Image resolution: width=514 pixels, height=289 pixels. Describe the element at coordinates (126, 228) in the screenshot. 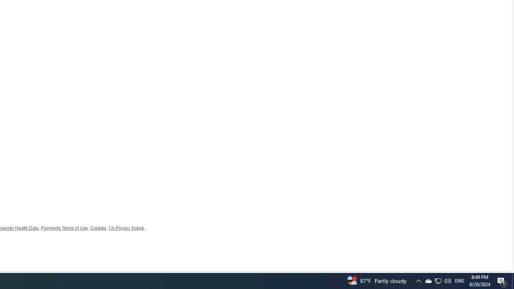

I see `'CA Privacy Notice'` at that location.